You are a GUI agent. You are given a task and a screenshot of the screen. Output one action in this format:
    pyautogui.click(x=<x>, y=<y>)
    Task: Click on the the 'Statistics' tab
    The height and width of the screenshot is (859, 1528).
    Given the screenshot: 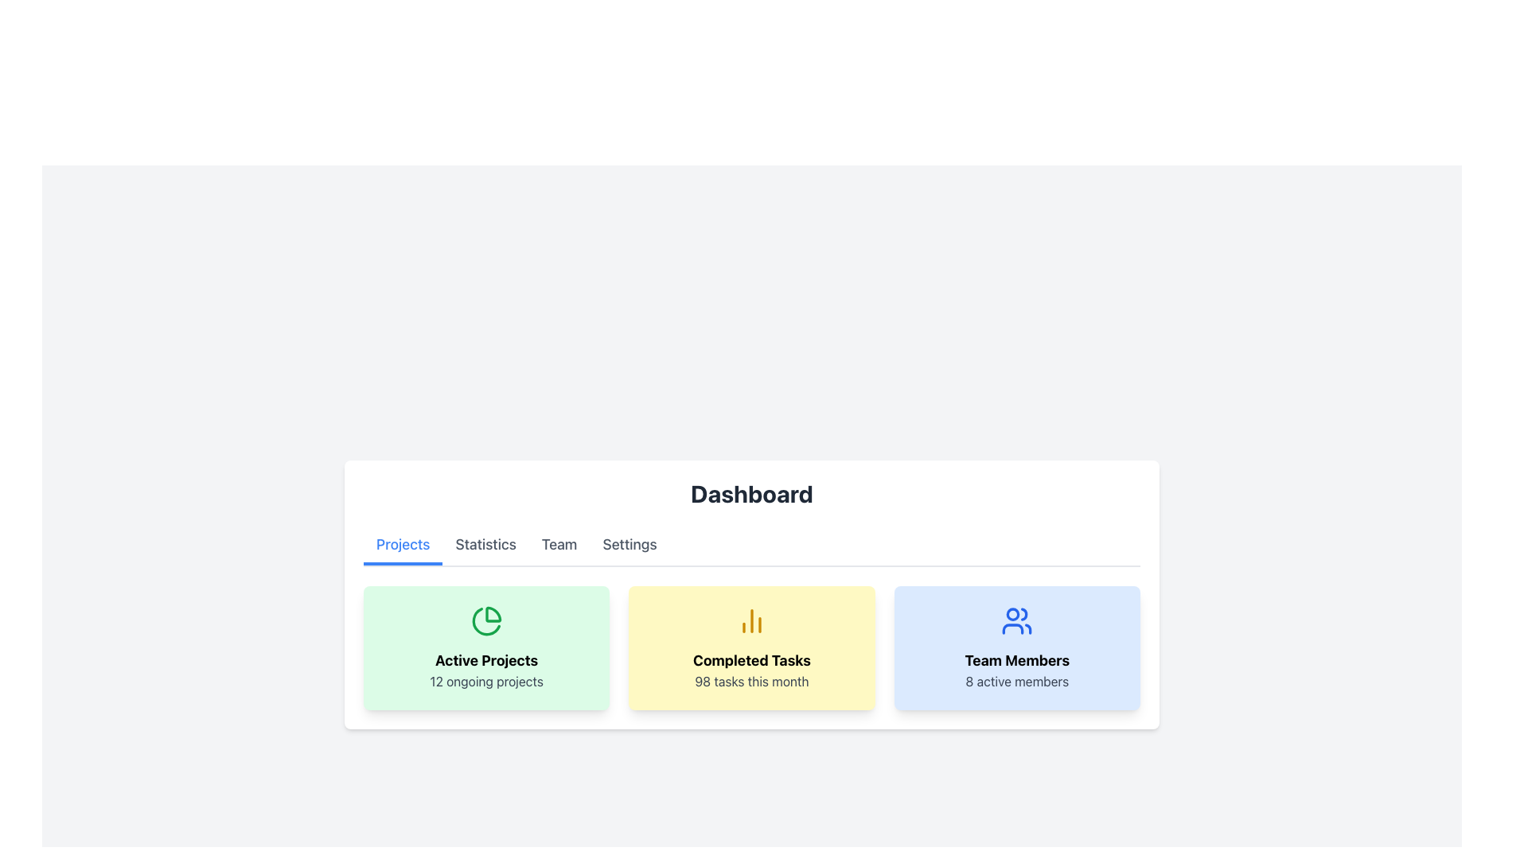 What is the action you would take?
    pyautogui.click(x=485, y=545)
    